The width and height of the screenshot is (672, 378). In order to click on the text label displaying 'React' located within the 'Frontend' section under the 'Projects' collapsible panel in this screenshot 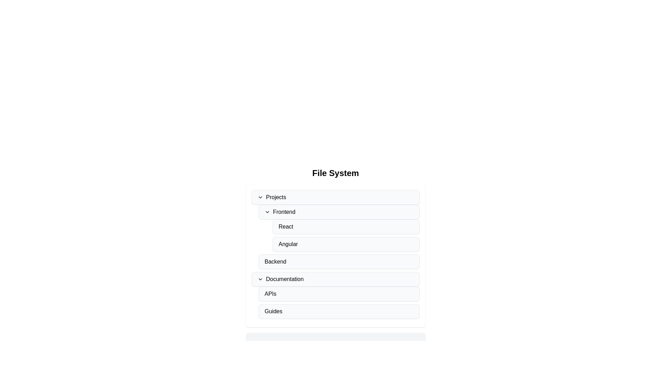, I will do `click(286, 227)`.